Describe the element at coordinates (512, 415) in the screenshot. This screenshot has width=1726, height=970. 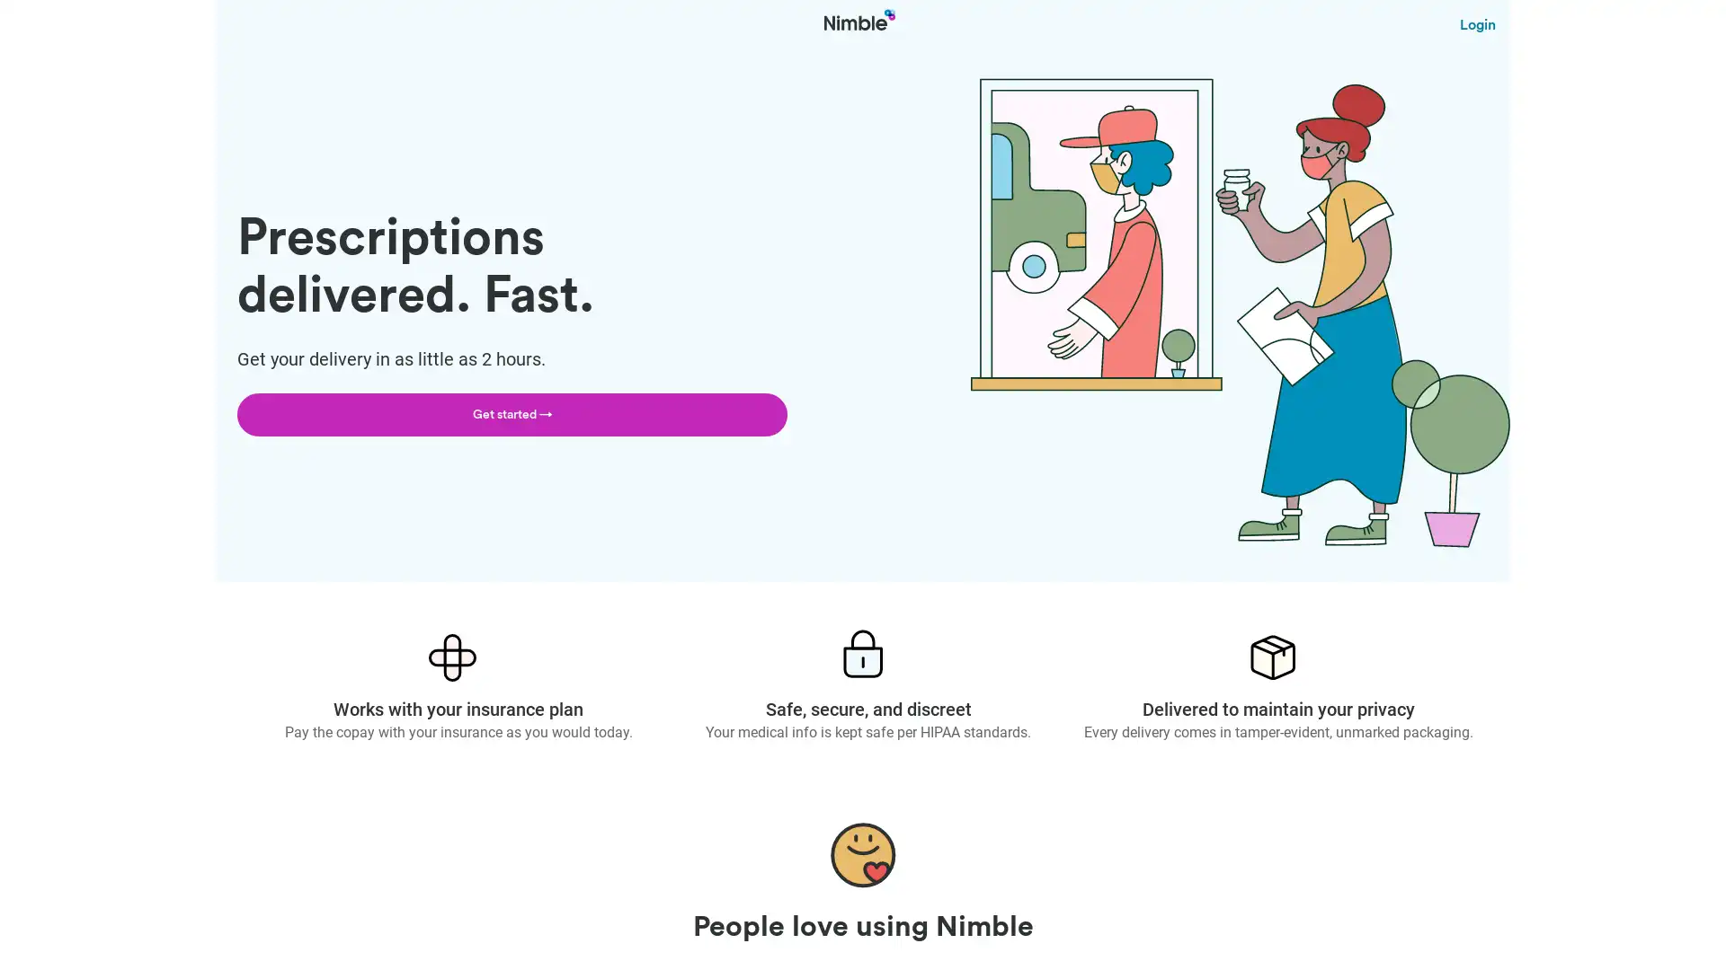
I see `Get started` at that location.